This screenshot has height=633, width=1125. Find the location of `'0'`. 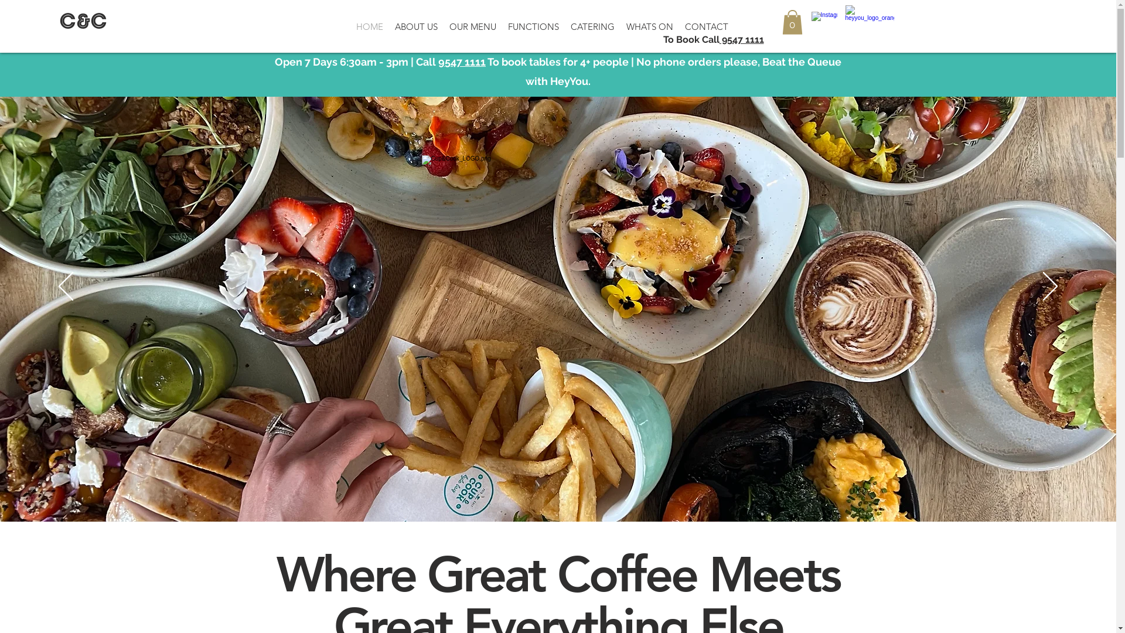

'0' is located at coordinates (792, 22).